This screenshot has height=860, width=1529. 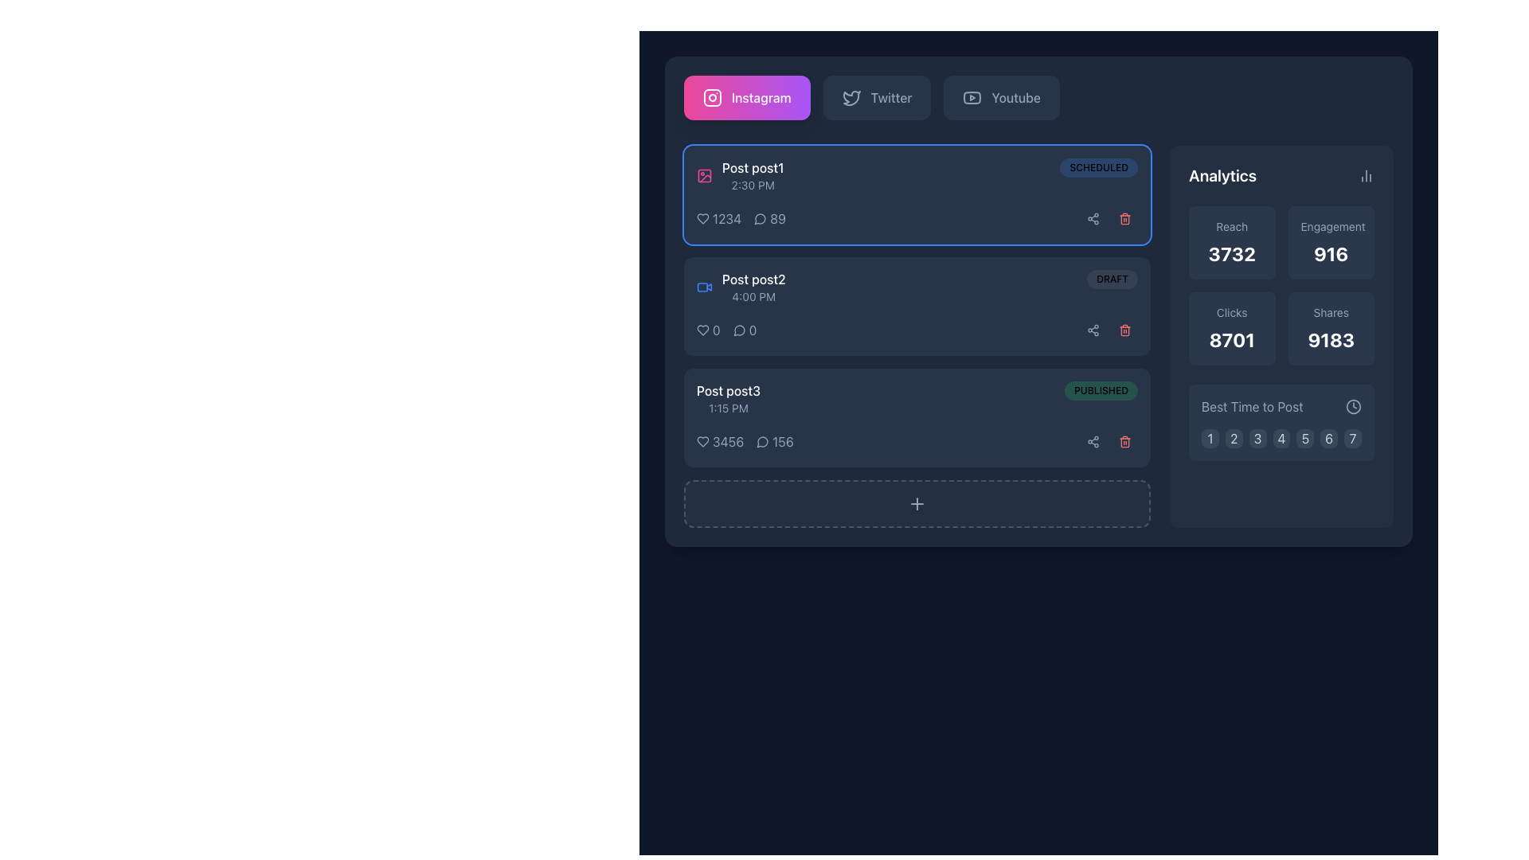 I want to click on numerical value '1234' displayed next to the heart icon in the top section of the interface, so click(x=718, y=218).